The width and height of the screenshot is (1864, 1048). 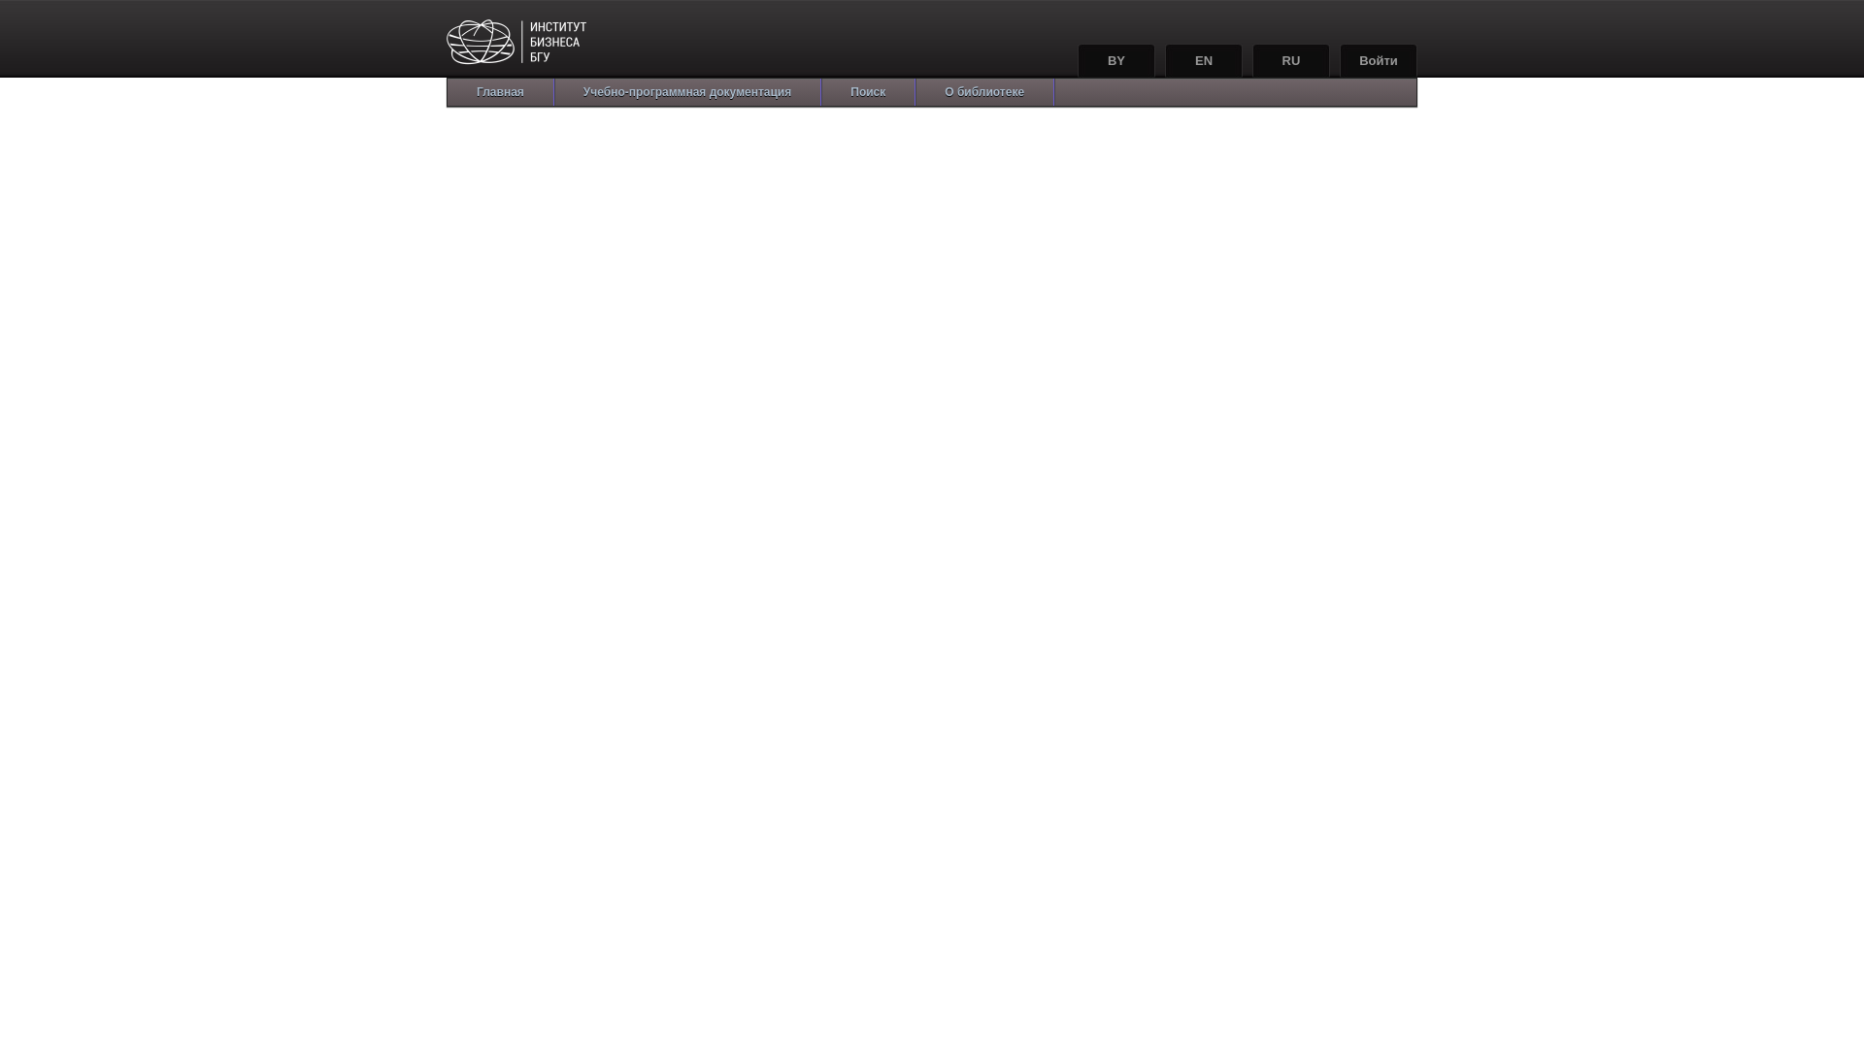 What do you see at coordinates (564, 44) in the screenshot?
I see `'Free CSS Templates'` at bounding box center [564, 44].